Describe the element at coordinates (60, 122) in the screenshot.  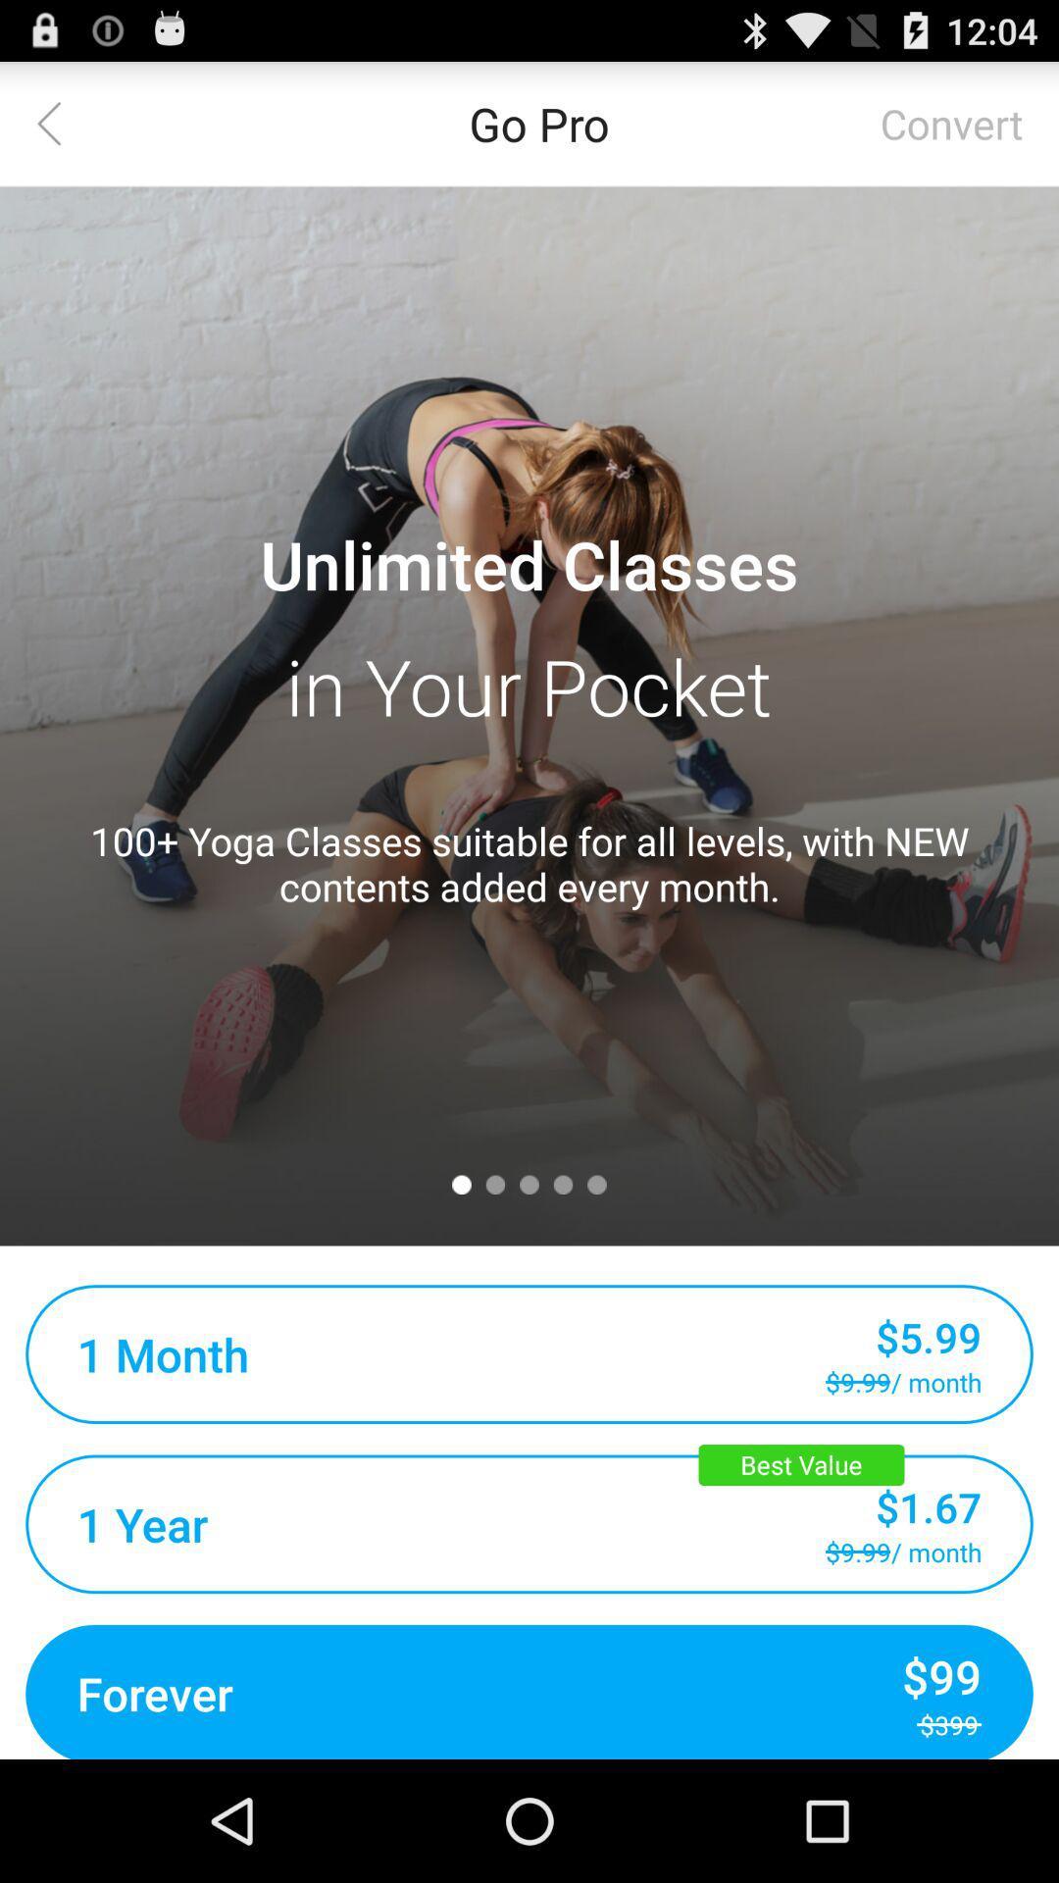
I see `the item to the left of go pro item` at that location.